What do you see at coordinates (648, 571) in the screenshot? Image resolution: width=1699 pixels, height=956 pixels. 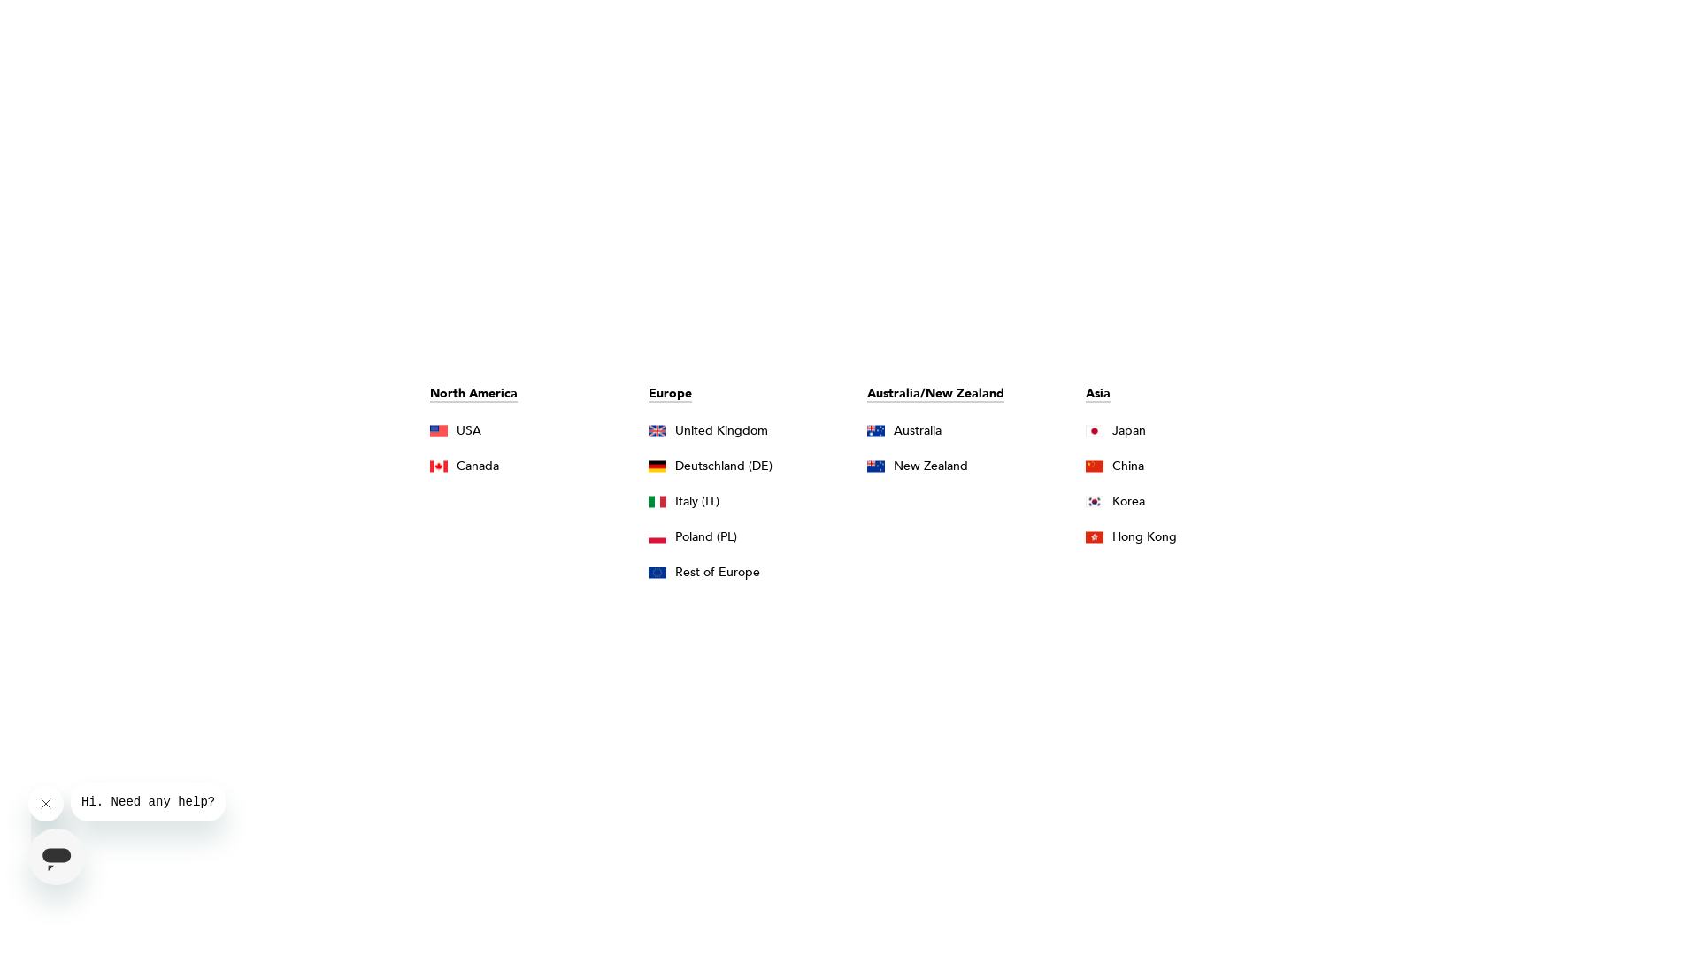 I see `'Rest of Europe'` at bounding box center [648, 571].